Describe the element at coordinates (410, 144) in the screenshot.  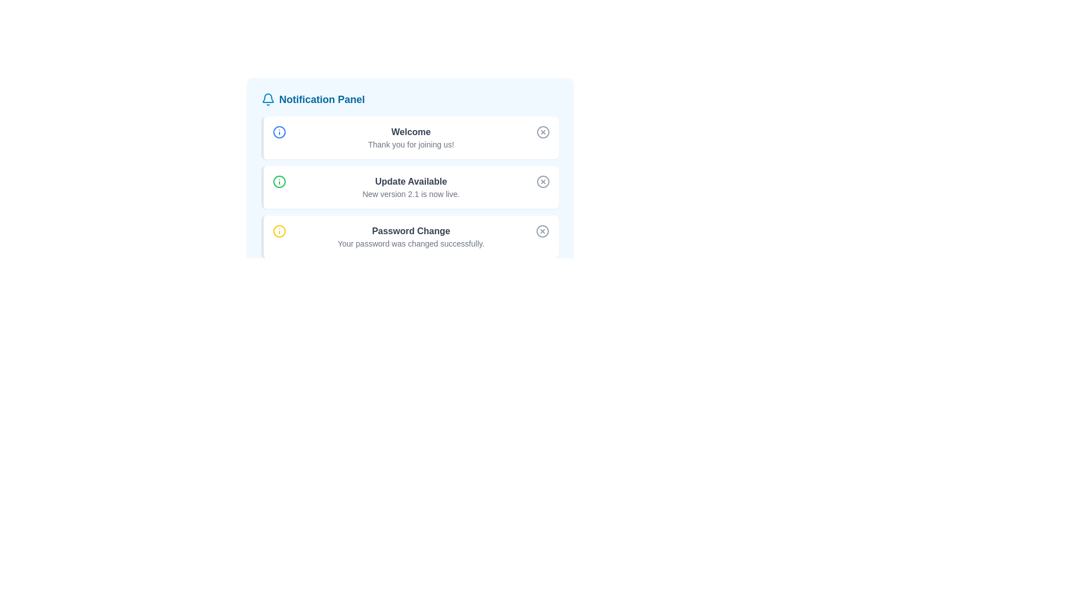
I see `the TextLabel element located below the 'Welcome' notification in the Notification Panel` at that location.